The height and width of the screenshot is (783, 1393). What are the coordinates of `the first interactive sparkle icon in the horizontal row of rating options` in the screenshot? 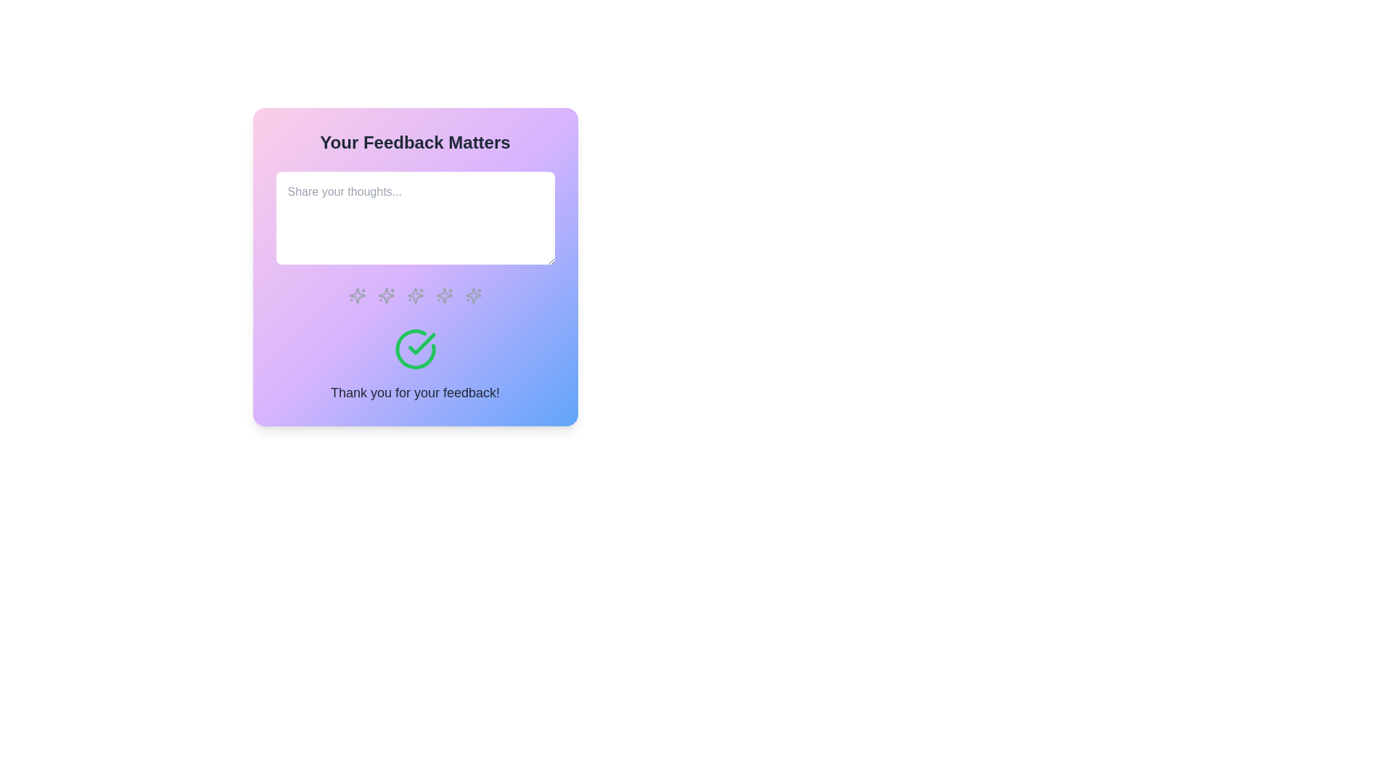 It's located at (357, 295).